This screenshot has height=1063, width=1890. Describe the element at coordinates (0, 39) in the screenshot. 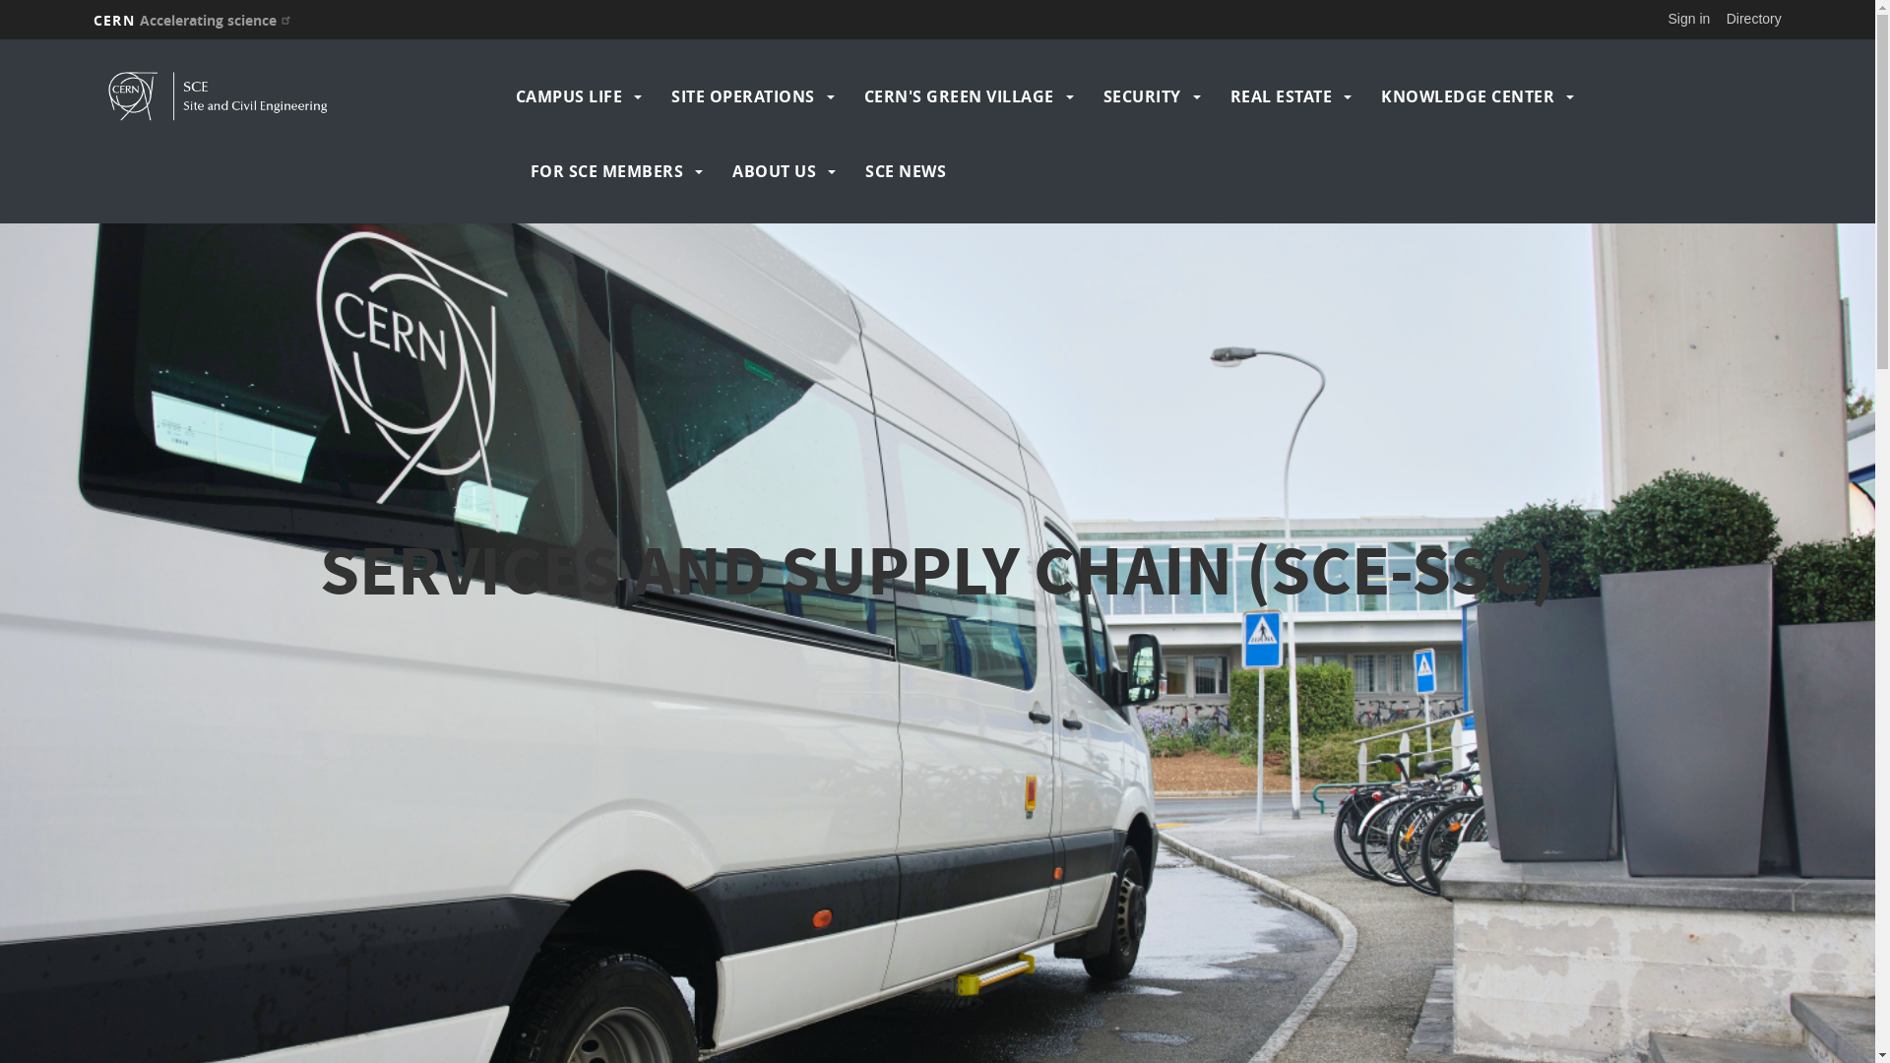

I see `'Skip to main content'` at that location.